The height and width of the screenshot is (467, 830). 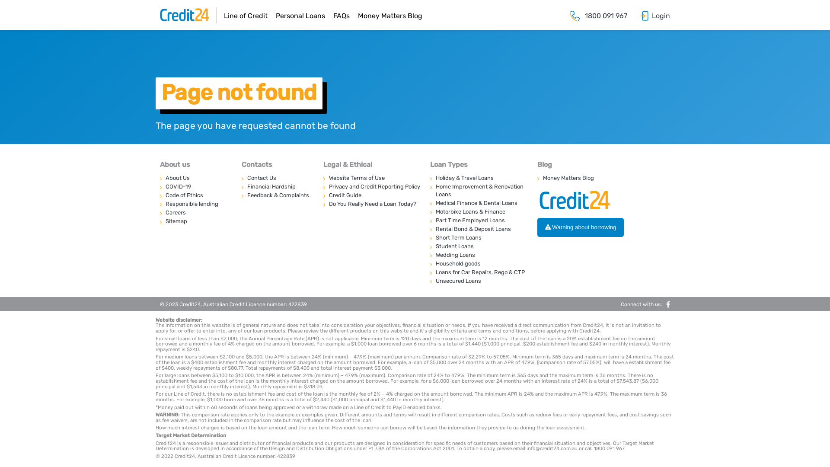 What do you see at coordinates (585, 16) in the screenshot?
I see `'1800 091 967'` at bounding box center [585, 16].